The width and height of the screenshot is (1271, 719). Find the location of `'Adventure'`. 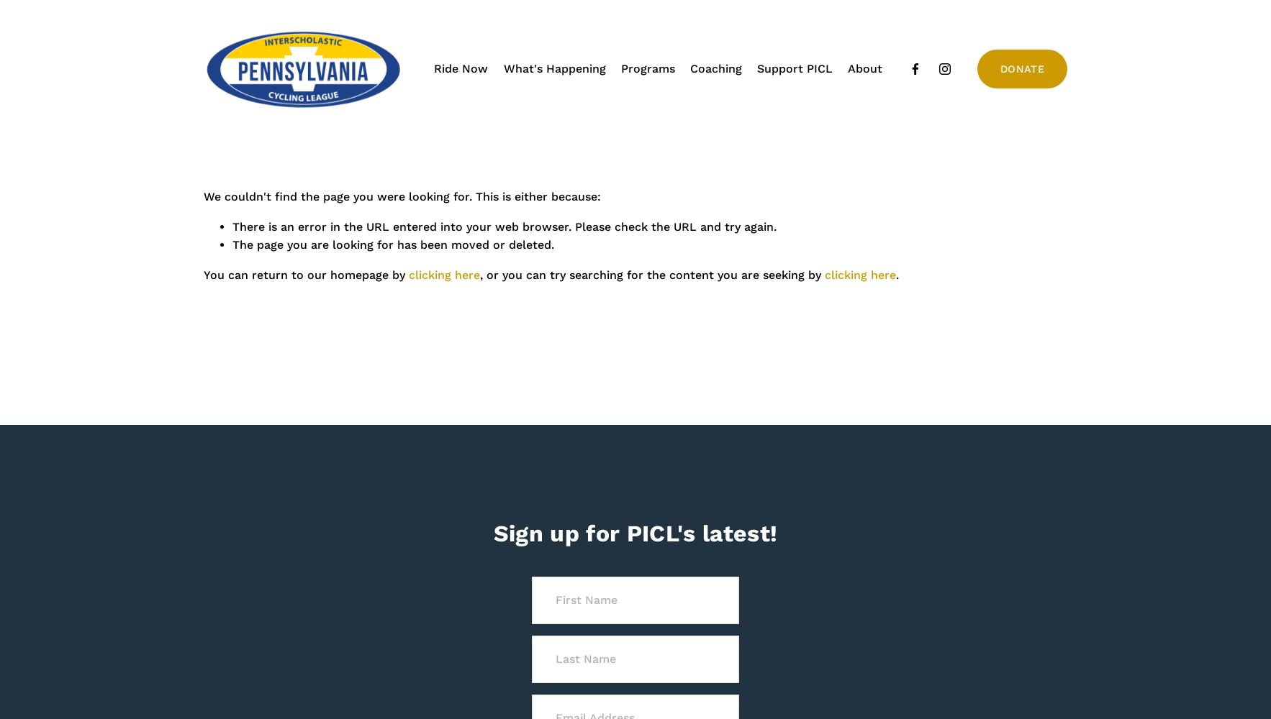

'Adventure' is located at coordinates (615, 110).